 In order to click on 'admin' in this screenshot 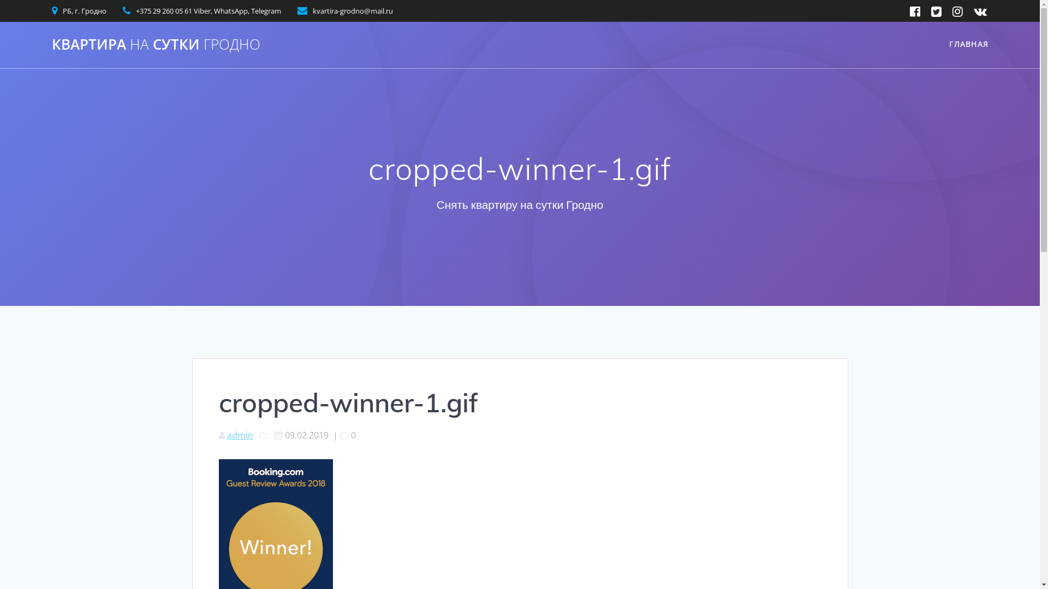, I will do `click(240, 435)`.